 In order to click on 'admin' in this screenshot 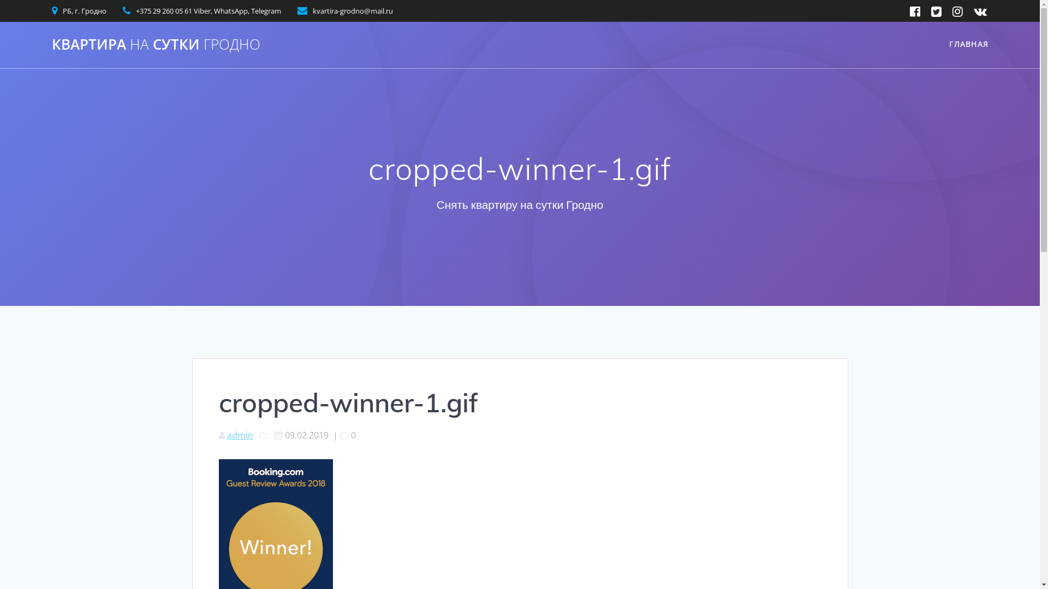, I will do `click(240, 435)`.